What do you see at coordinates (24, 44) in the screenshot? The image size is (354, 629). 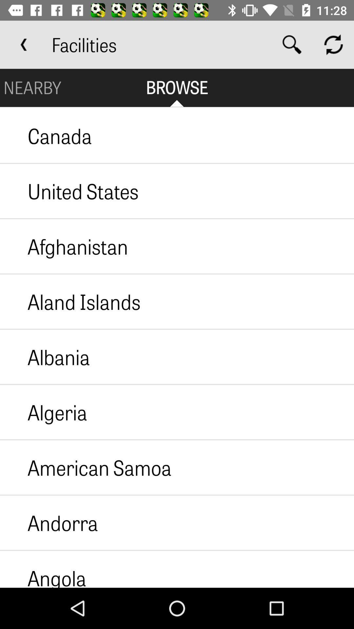 I see `icon next to facilities item` at bounding box center [24, 44].